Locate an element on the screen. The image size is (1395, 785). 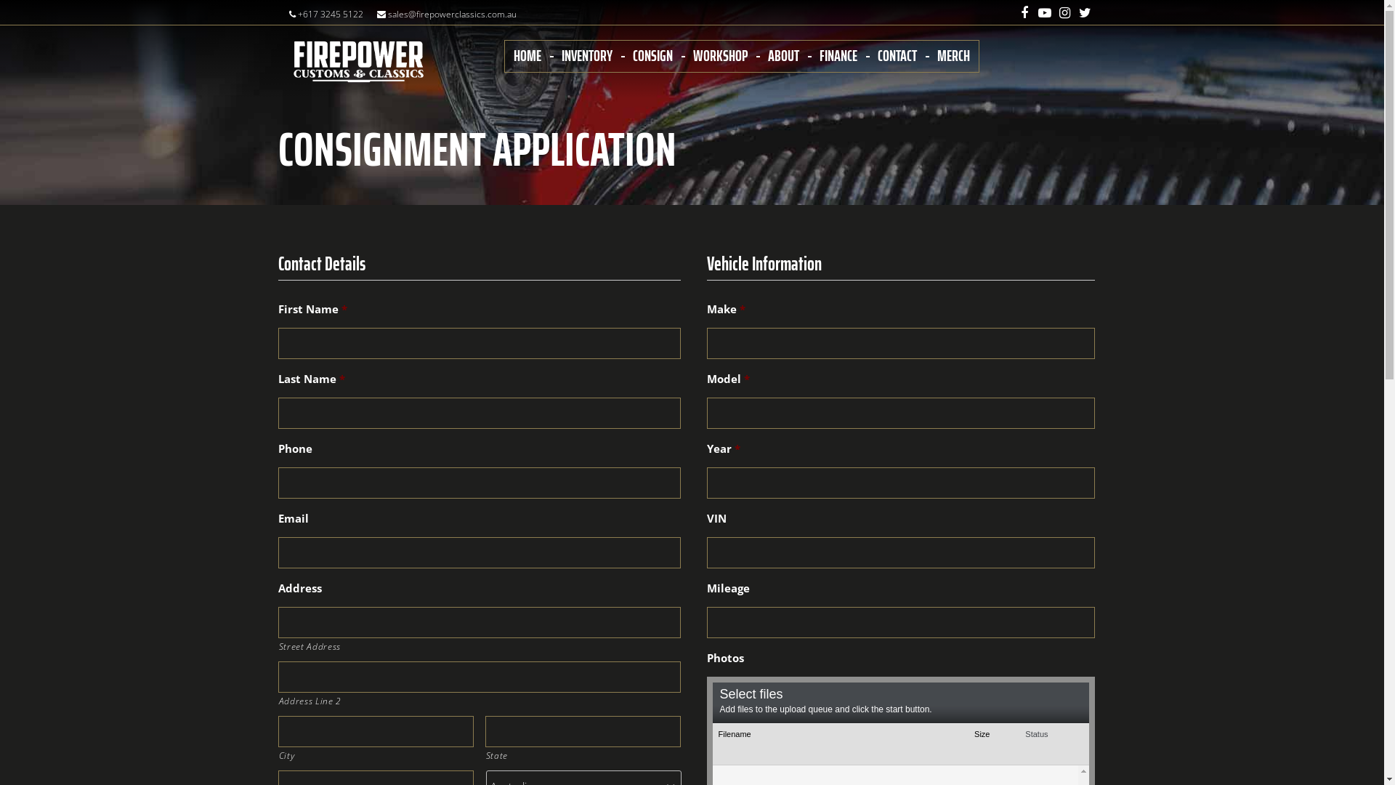
'YouTube' is located at coordinates (1043, 13).